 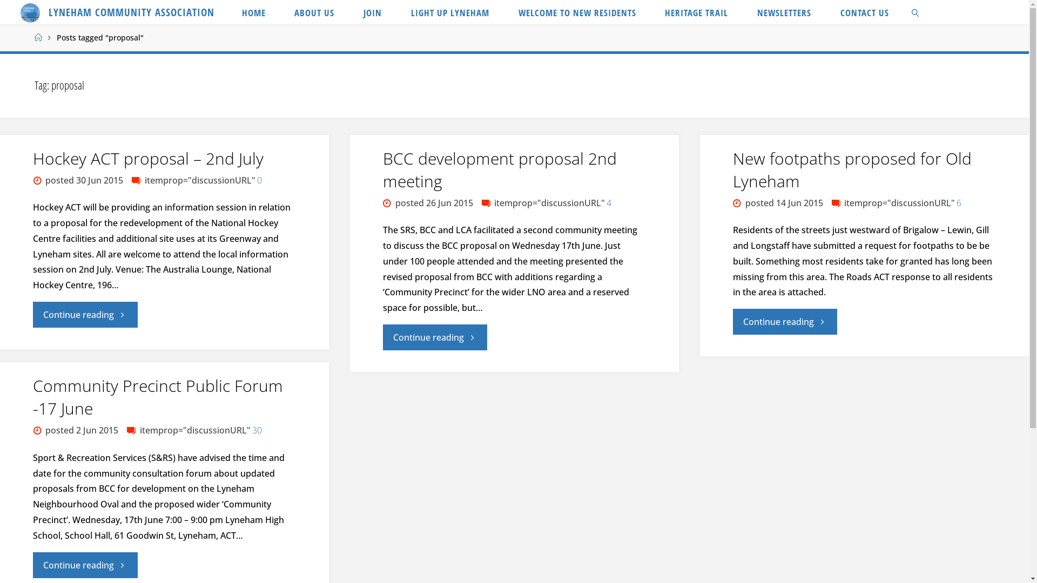 What do you see at coordinates (131, 12) in the screenshot?
I see `'LYNEHAM COMMUNITY ASSOCIATION'` at bounding box center [131, 12].